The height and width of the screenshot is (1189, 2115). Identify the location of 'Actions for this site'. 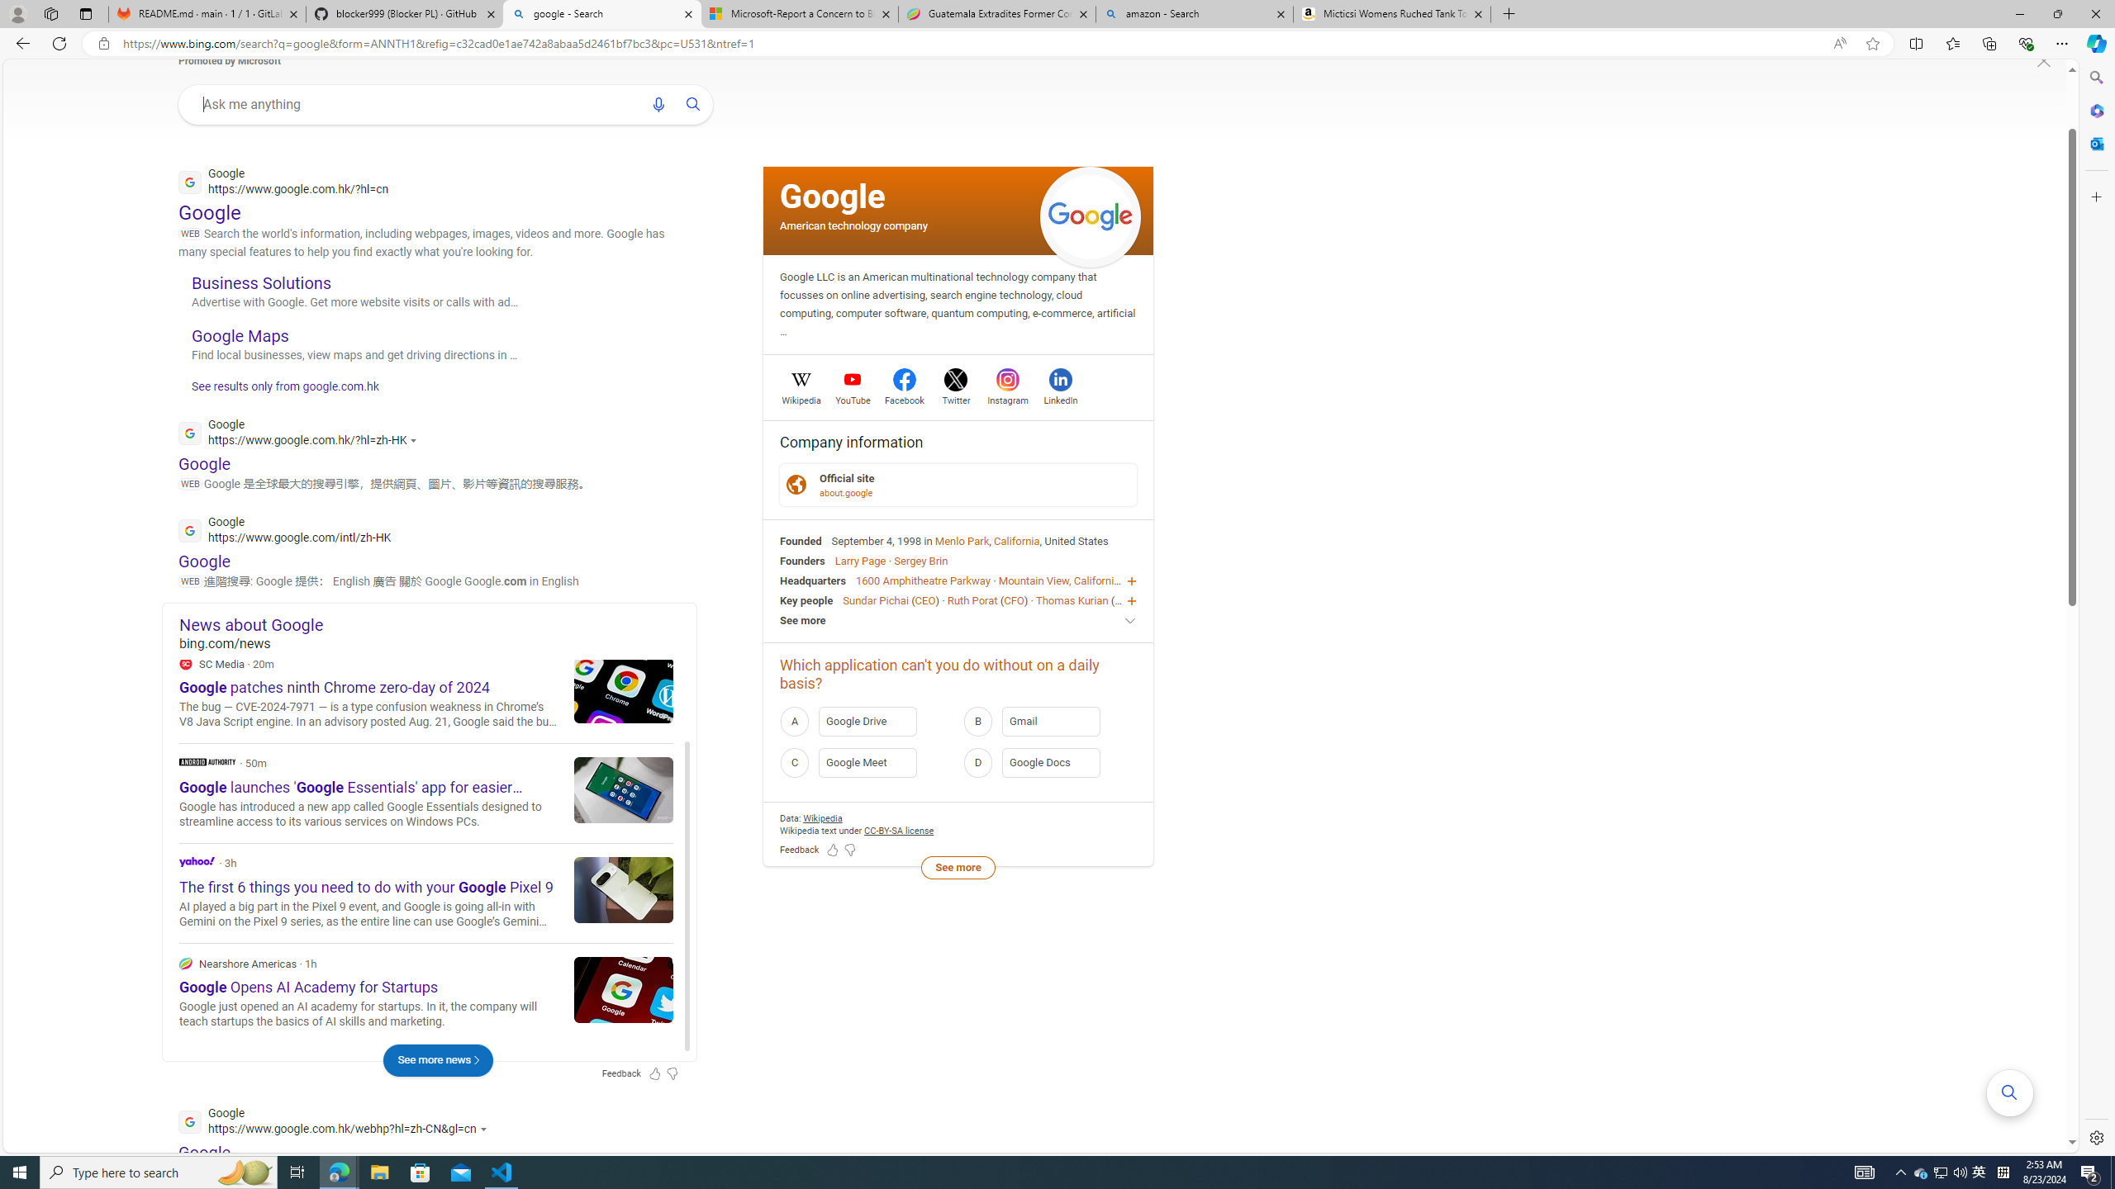
(485, 1129).